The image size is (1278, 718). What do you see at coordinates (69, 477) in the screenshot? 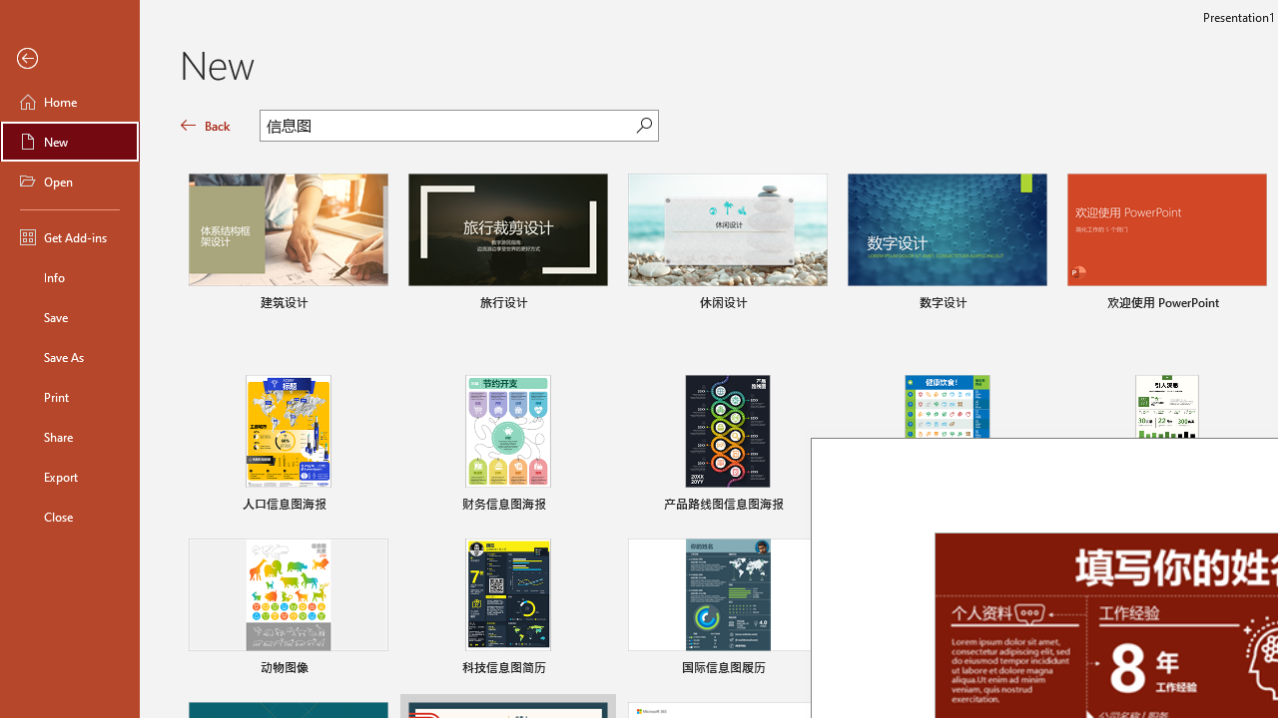
I see `'Export'` at bounding box center [69, 477].